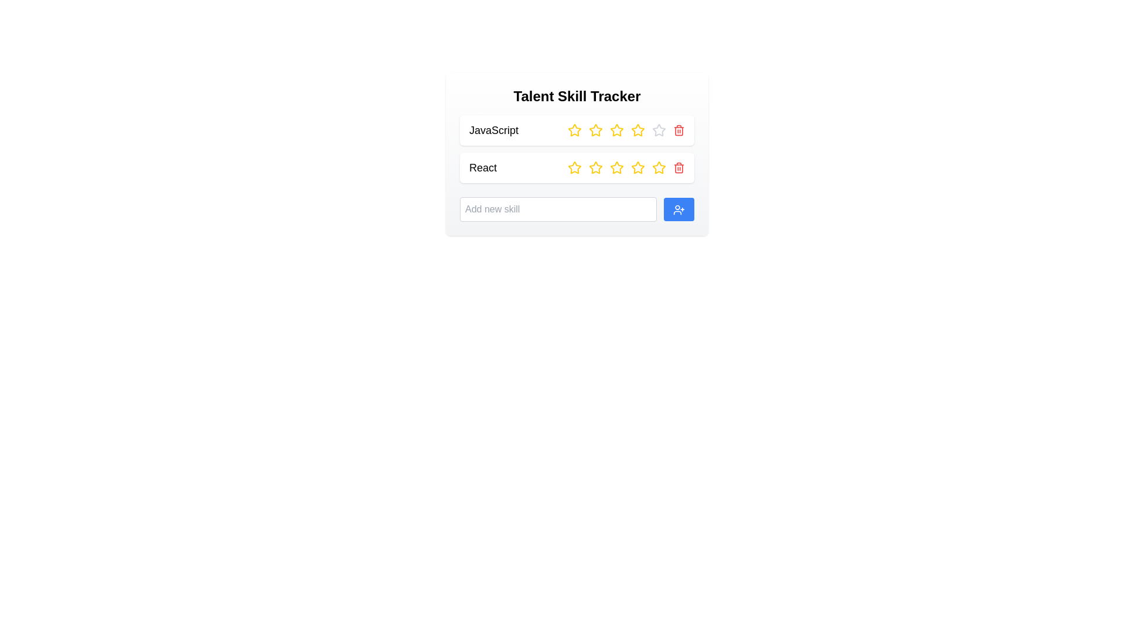 This screenshot has height=632, width=1125. Describe the element at coordinates (574, 130) in the screenshot. I see `the first star-shaped icon used for marking the rating of the skill 'JavaScript' in the talent skill tracker interface` at that location.